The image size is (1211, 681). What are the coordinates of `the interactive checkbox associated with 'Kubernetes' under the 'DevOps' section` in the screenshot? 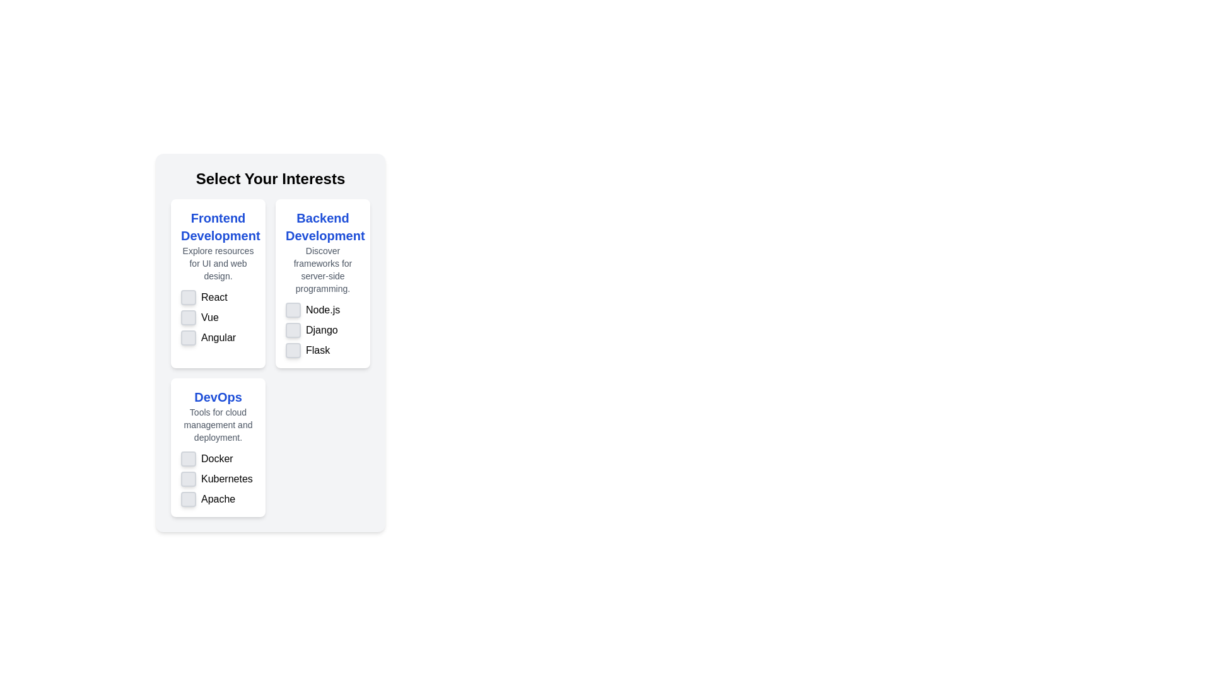 It's located at (187, 479).